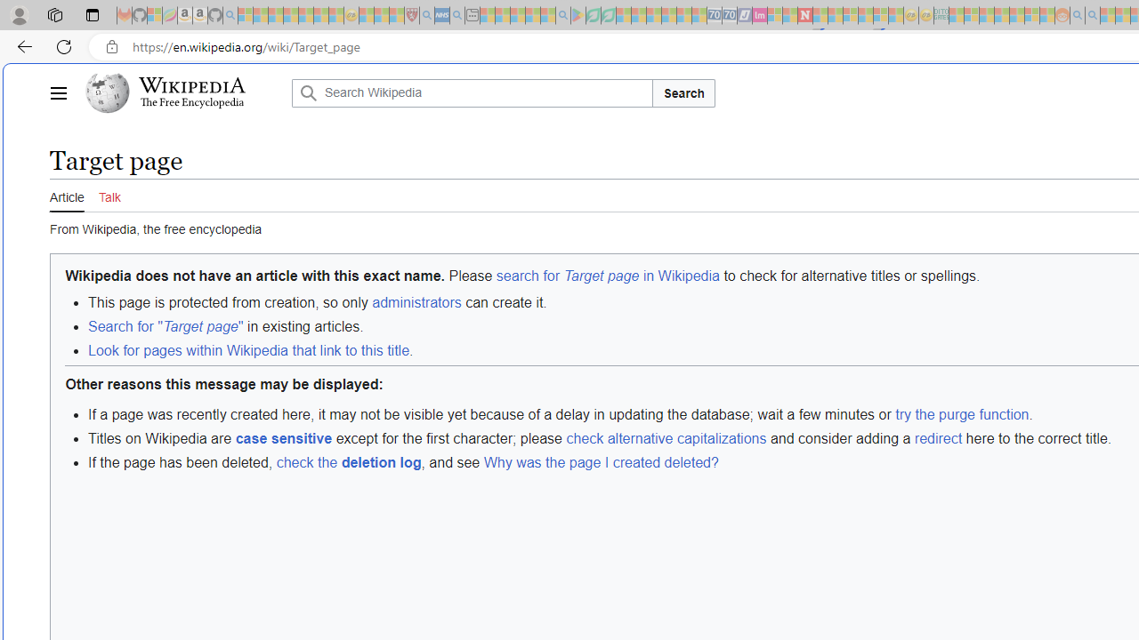  Describe the element at coordinates (1092, 15) in the screenshot. I see `'Utah sues federal government - Search - Sleeping'` at that location.